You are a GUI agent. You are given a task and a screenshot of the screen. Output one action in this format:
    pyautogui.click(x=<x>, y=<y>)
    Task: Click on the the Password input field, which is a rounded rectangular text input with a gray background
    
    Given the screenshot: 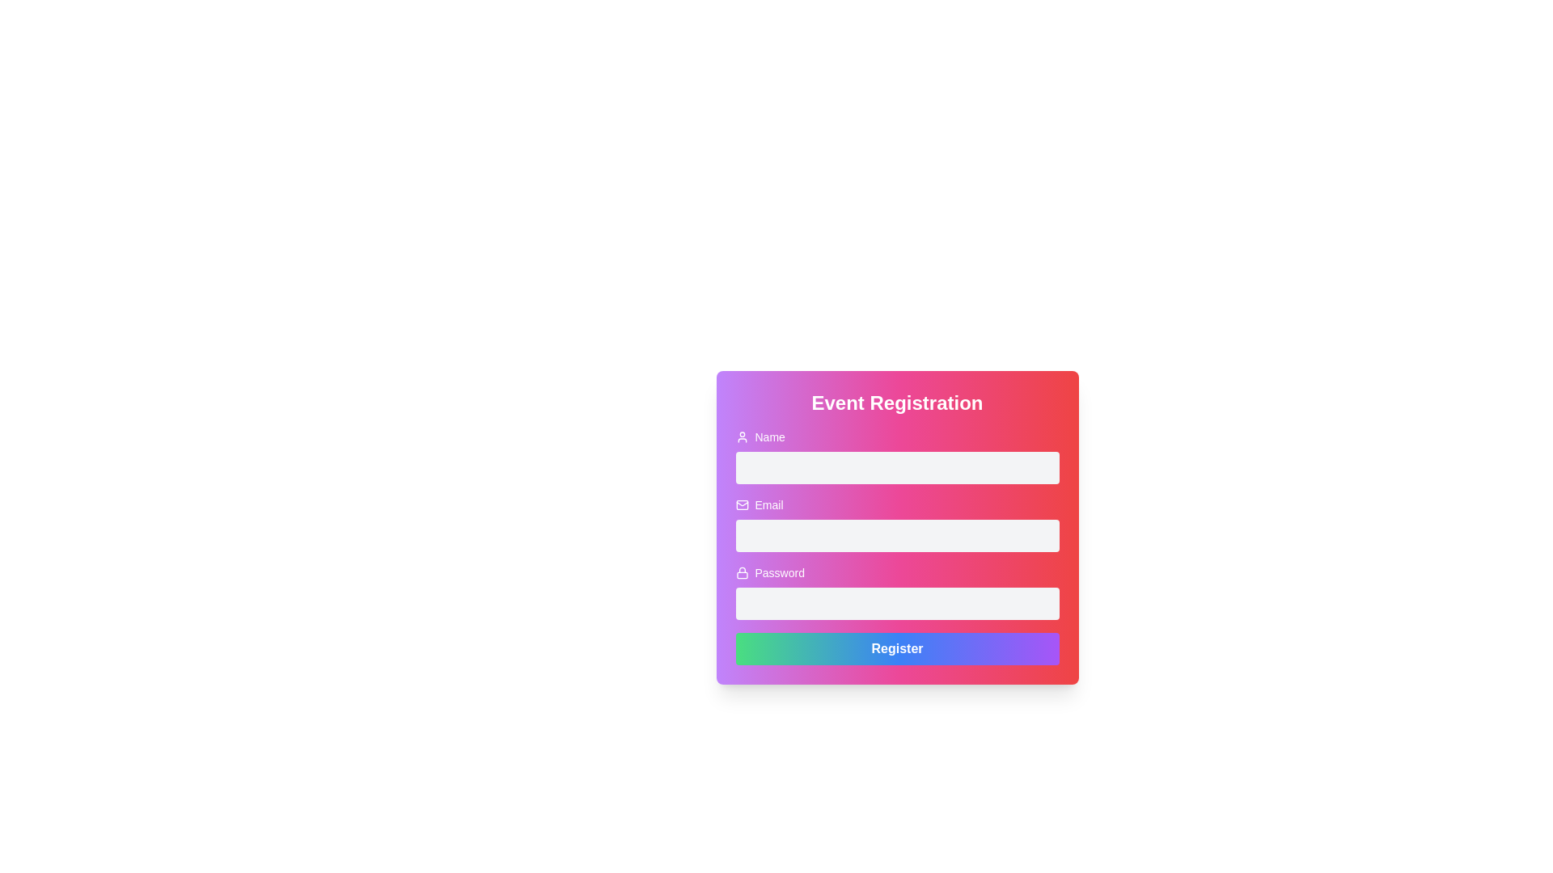 What is the action you would take?
    pyautogui.click(x=896, y=592)
    